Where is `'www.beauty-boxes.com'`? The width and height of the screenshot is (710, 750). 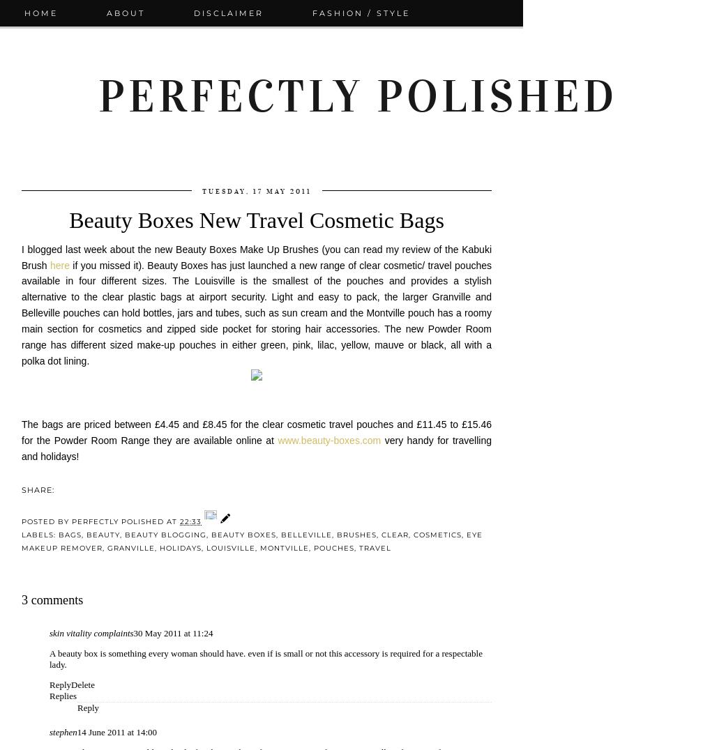
'www.beauty-boxes.com' is located at coordinates (278, 440).